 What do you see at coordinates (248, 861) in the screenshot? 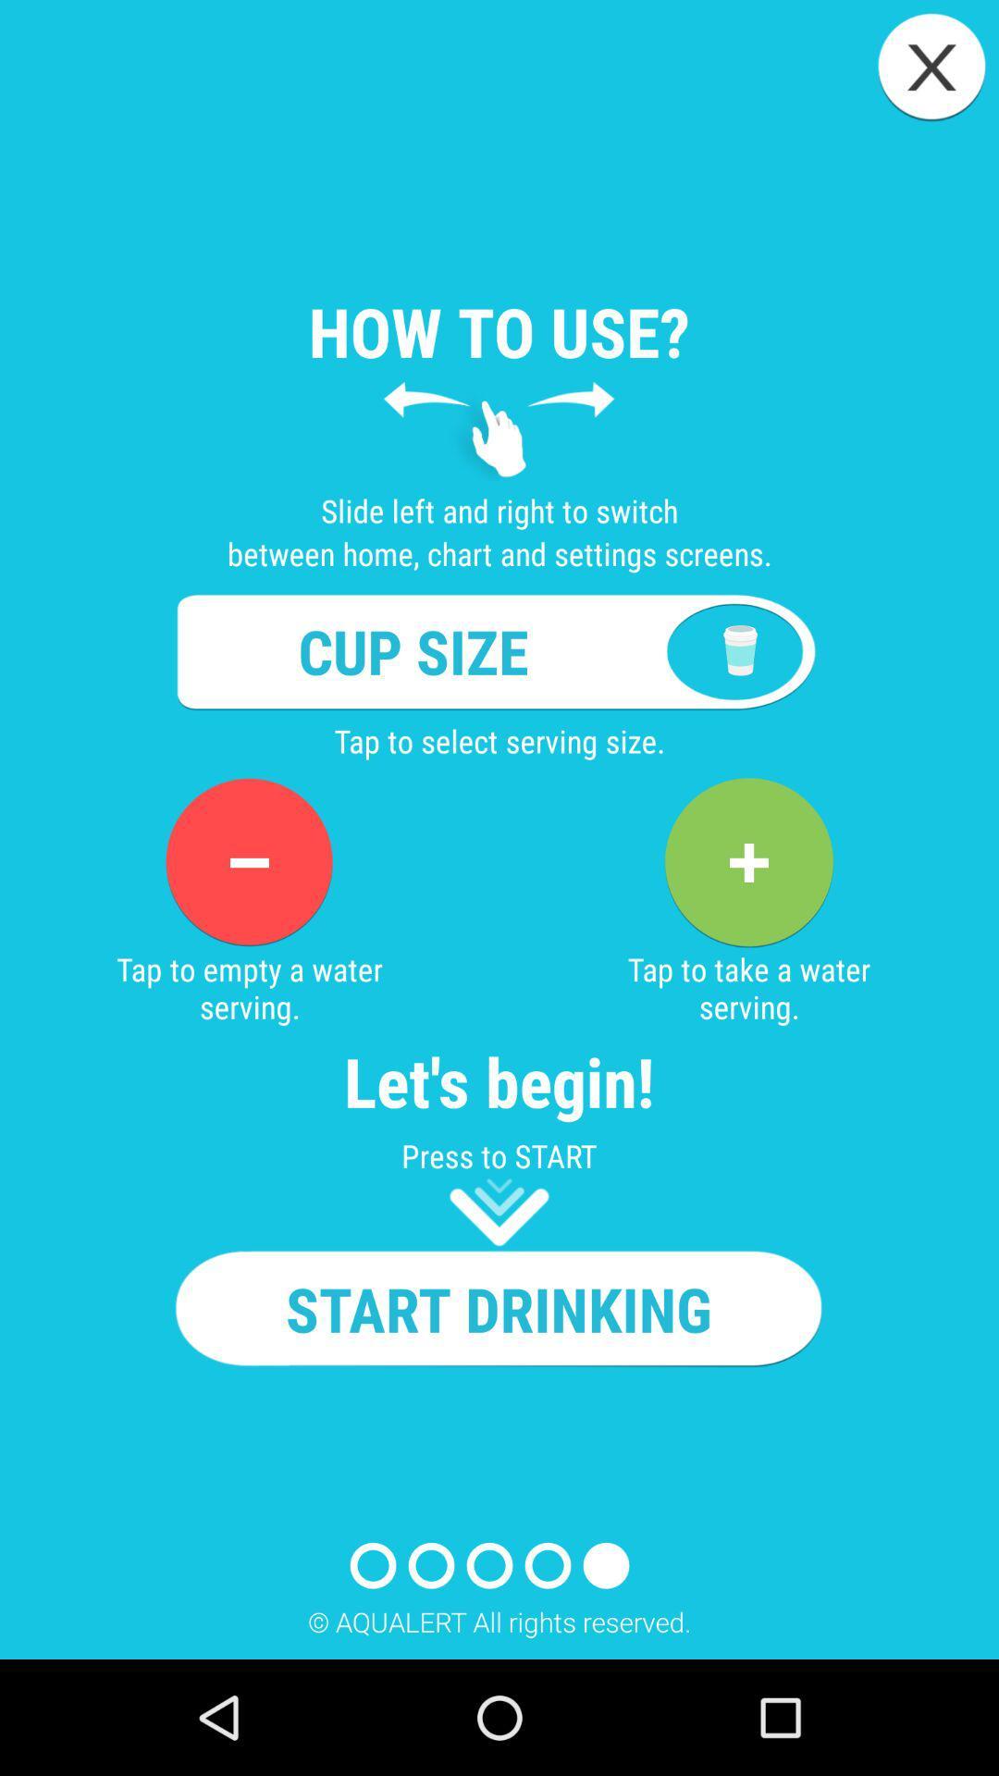
I see `icon above tap to empty` at bounding box center [248, 861].